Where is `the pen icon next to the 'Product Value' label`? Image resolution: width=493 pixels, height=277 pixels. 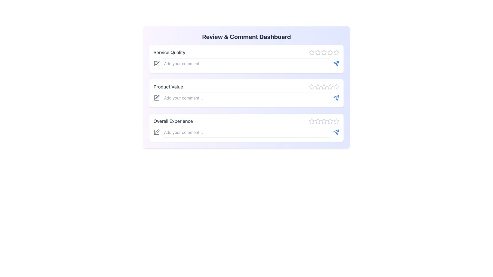 the pen icon next to the 'Product Value' label is located at coordinates (157, 97).